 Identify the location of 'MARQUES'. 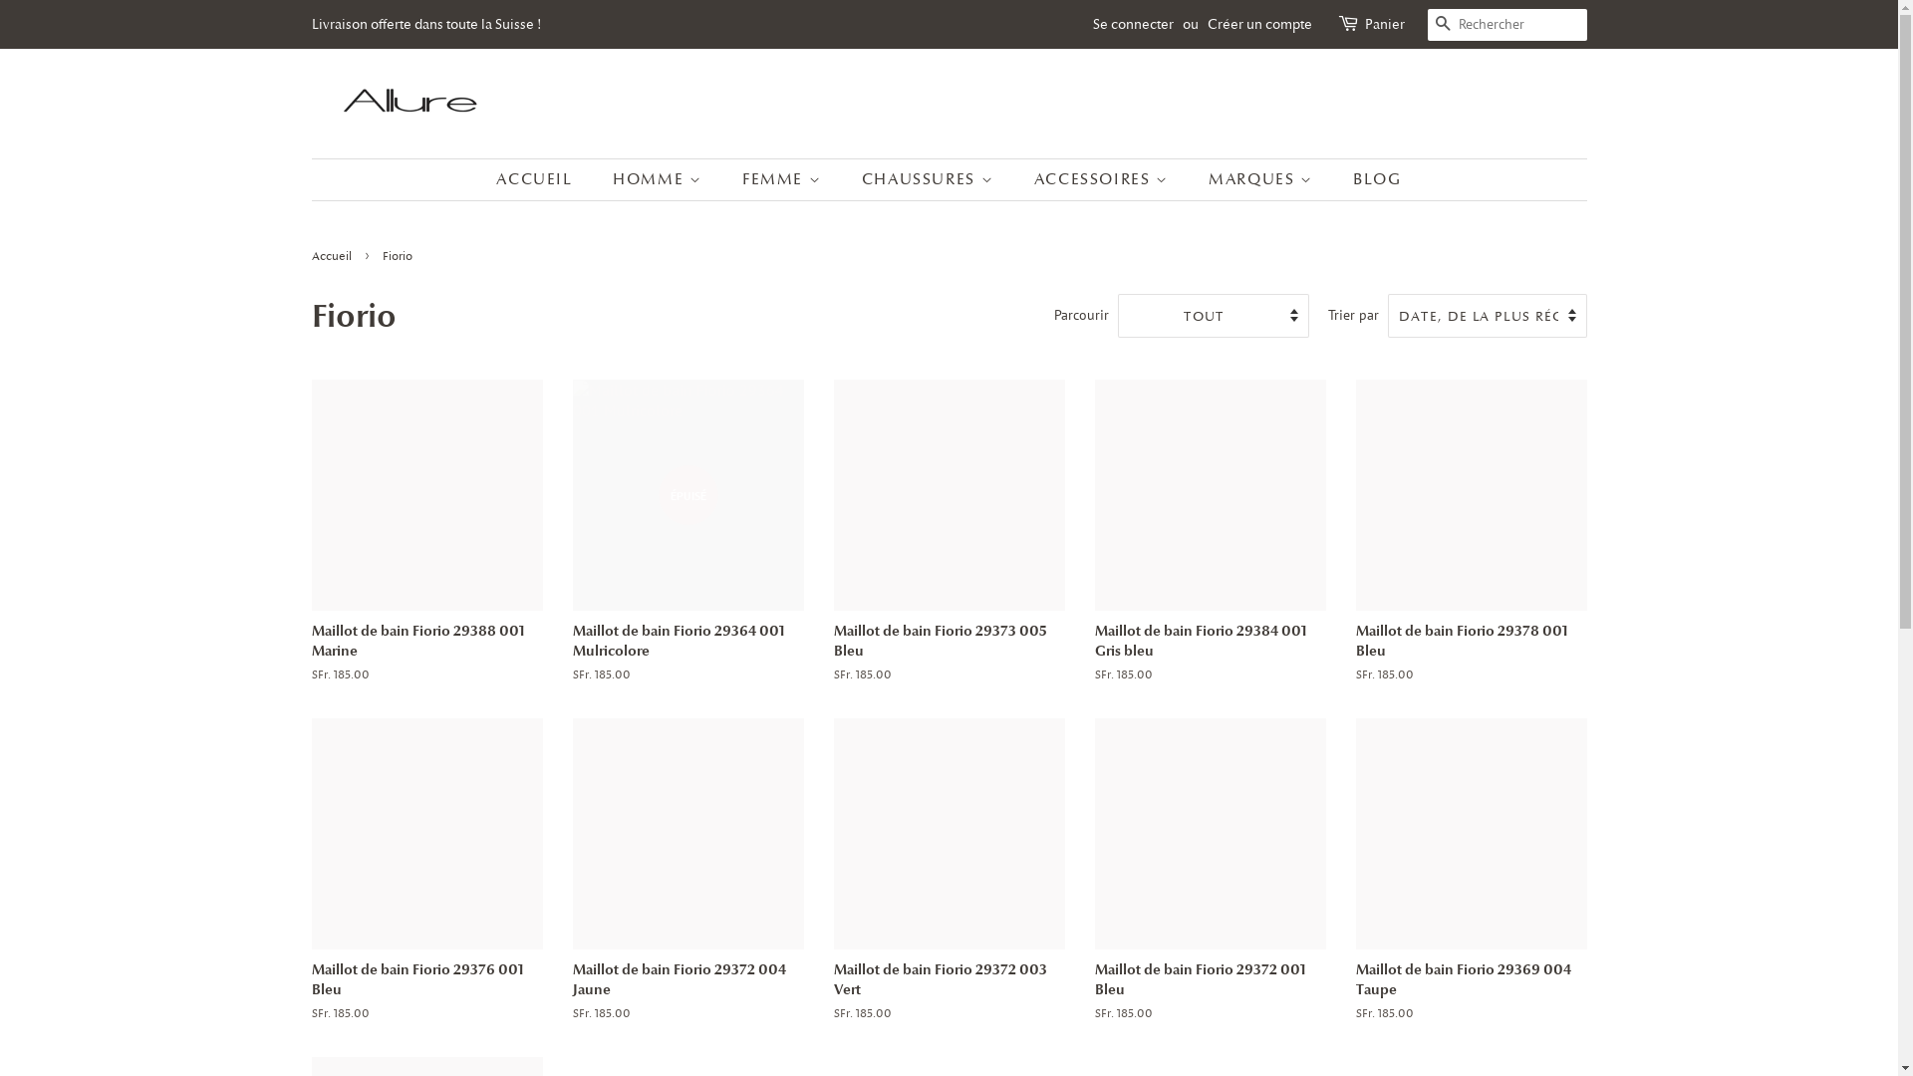
(1194, 179).